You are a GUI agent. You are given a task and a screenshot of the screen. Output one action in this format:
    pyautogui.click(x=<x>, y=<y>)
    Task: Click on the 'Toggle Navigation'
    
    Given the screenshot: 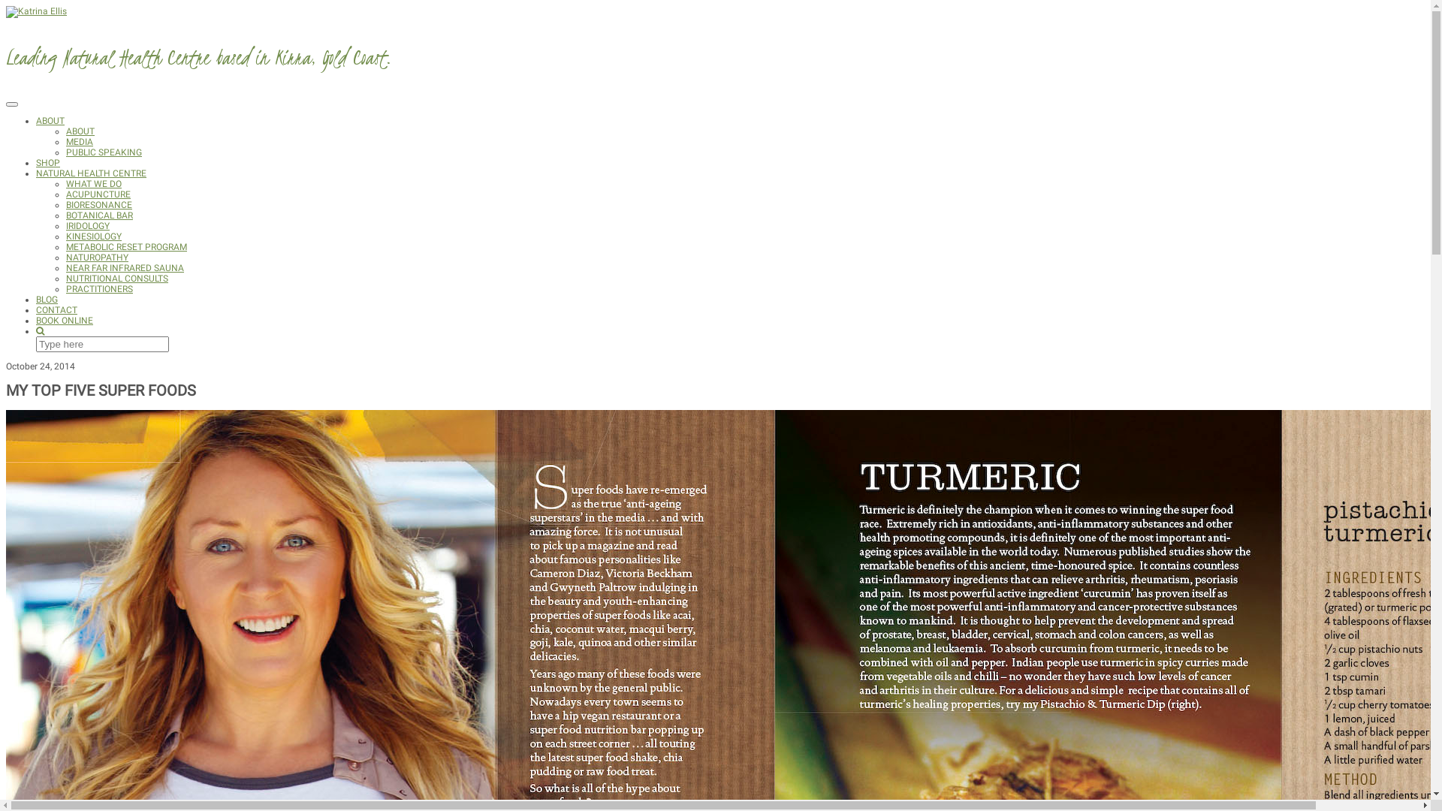 What is the action you would take?
    pyautogui.click(x=11, y=103)
    